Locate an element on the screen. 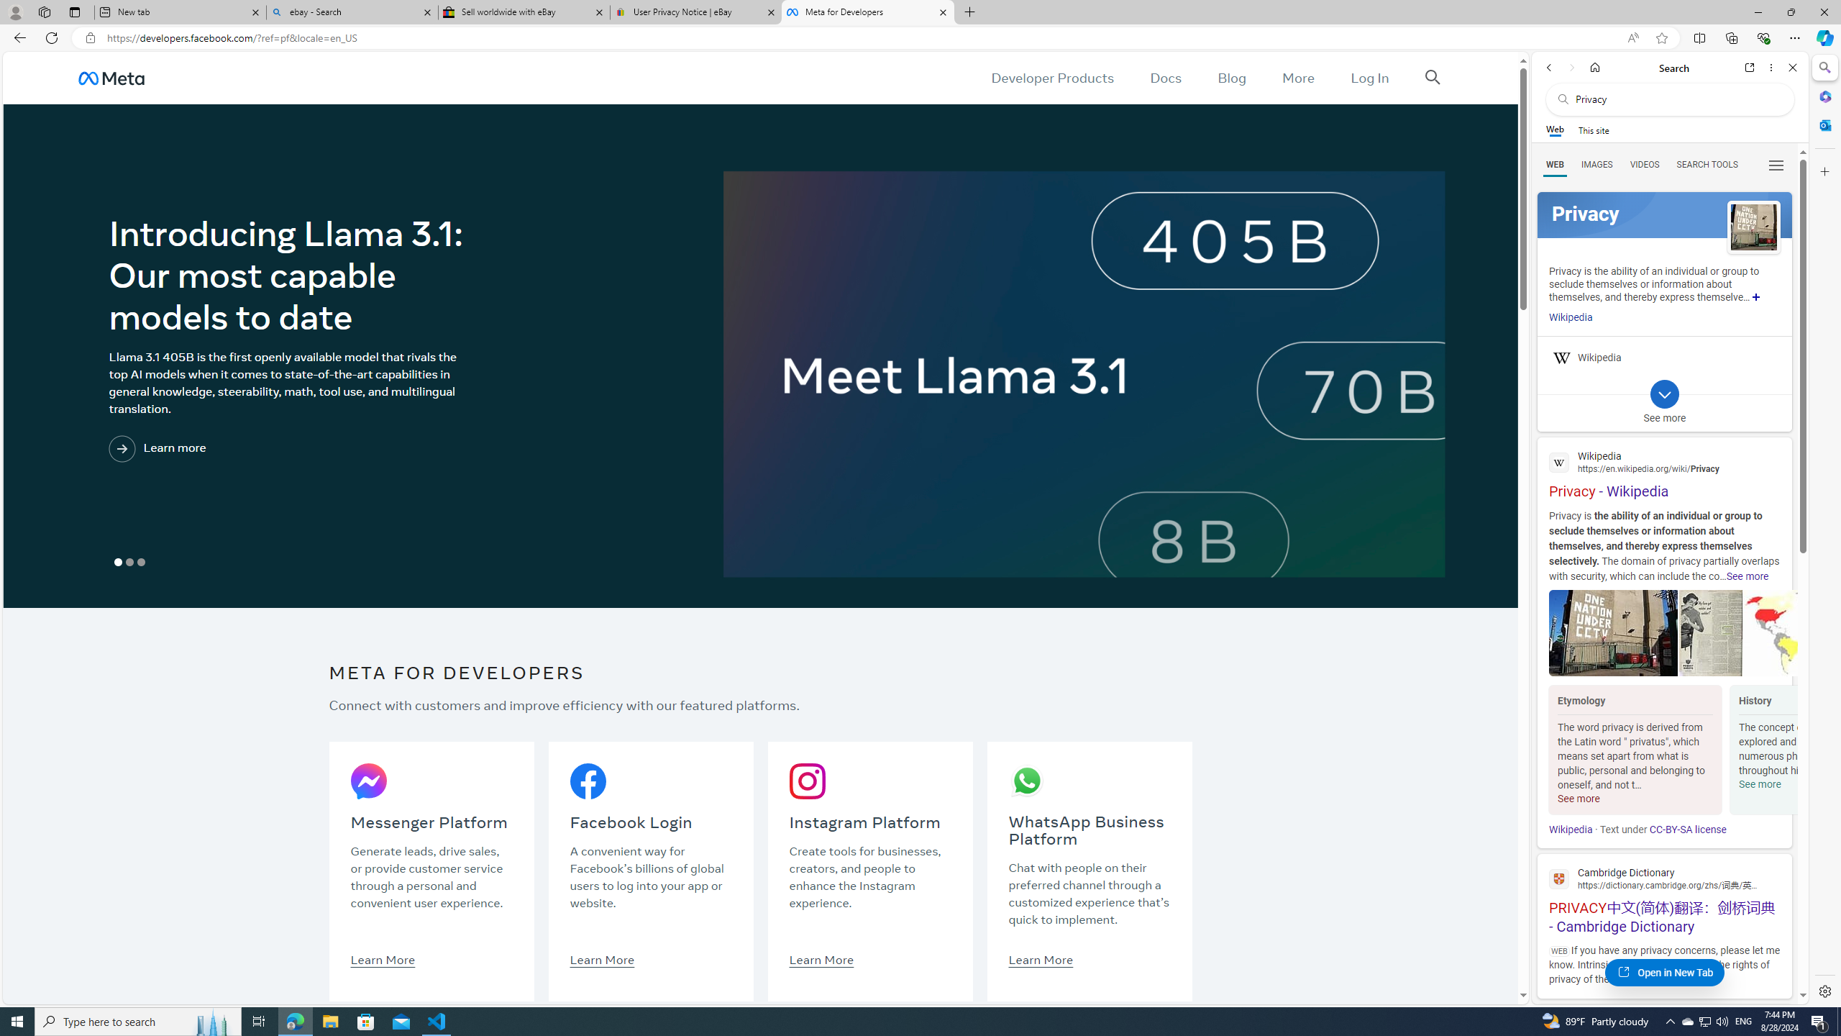 The image size is (1841, 1036). 'Meta for Developers' is located at coordinates (866, 12).